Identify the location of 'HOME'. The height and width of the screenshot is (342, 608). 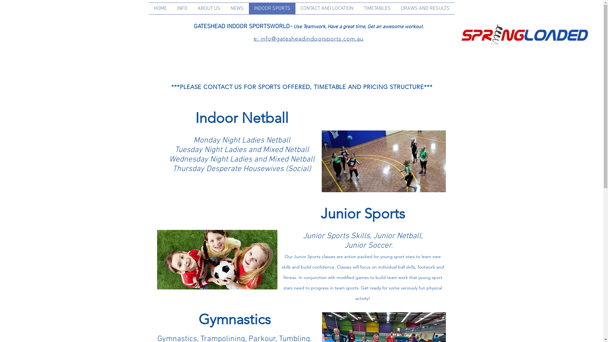
(160, 9).